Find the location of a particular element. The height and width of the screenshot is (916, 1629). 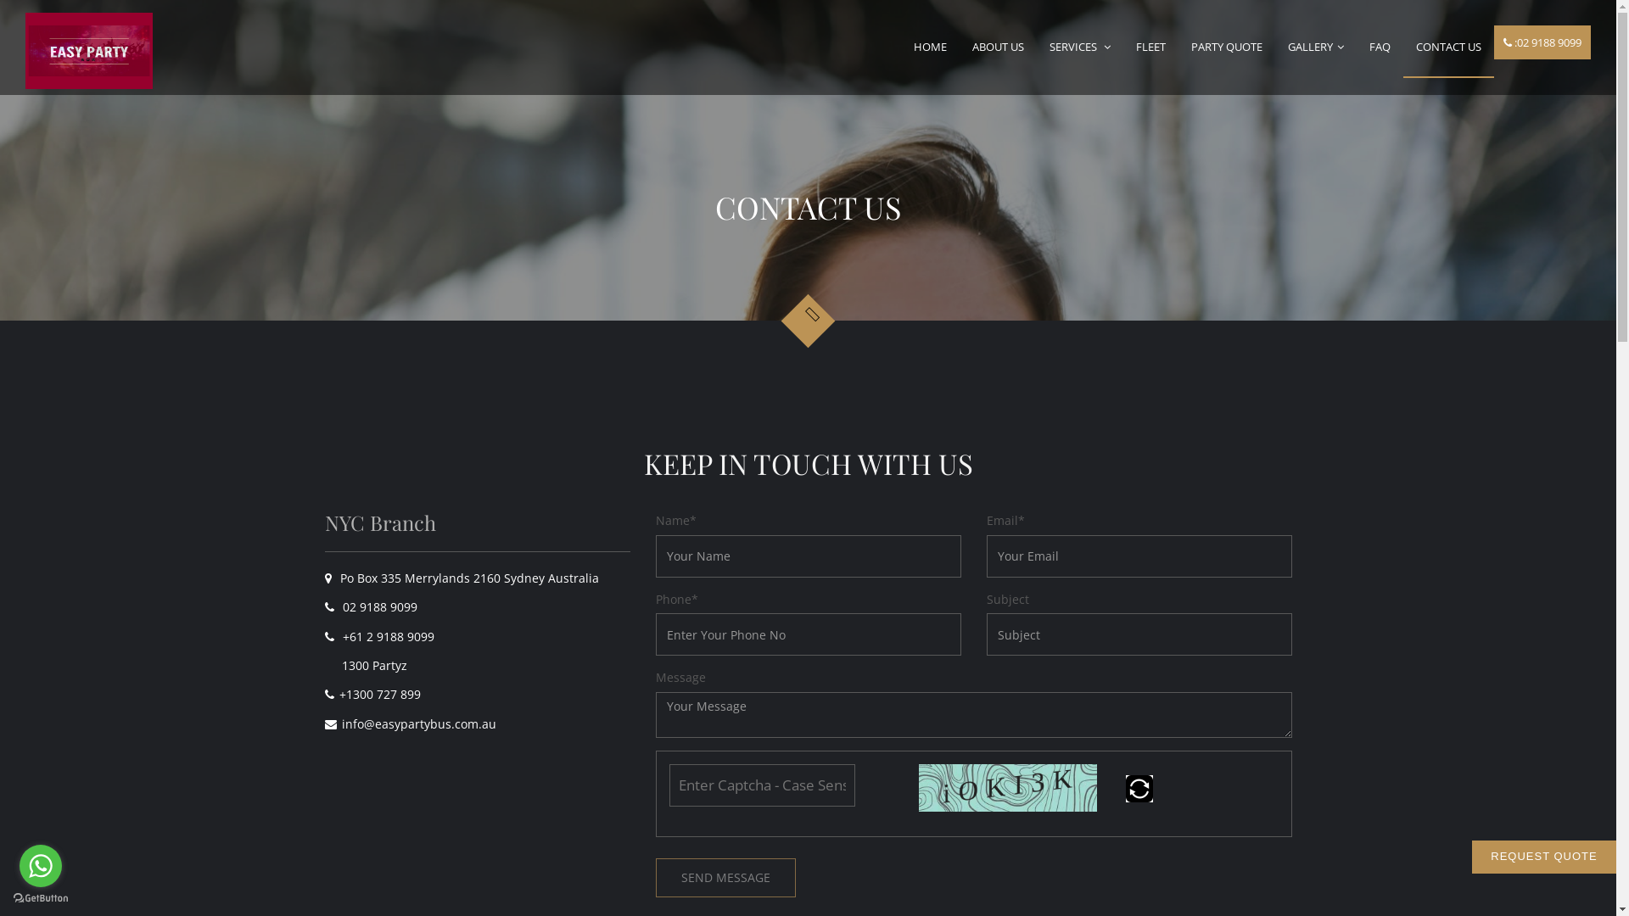

'FLEET' is located at coordinates (1150, 45).